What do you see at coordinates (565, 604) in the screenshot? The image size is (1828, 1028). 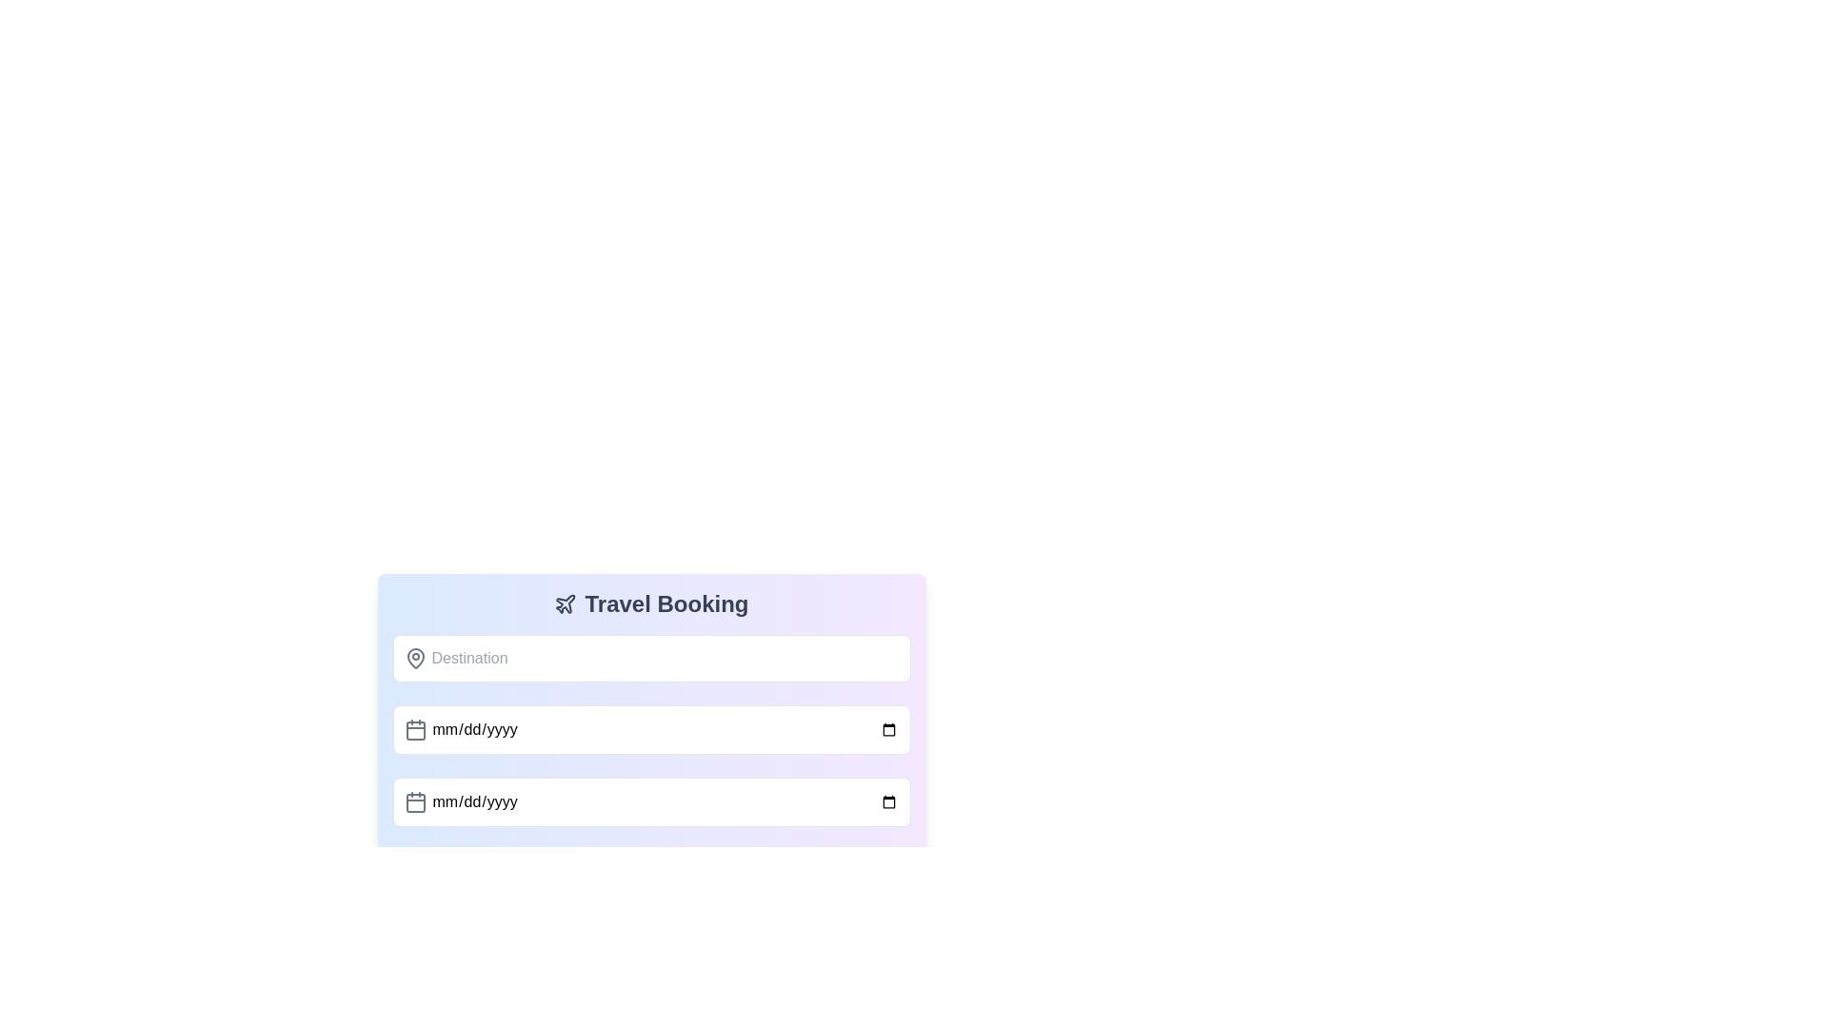 I see `the airplane icon located to the left of the 'Travel Booking' title in the centered header element` at bounding box center [565, 604].